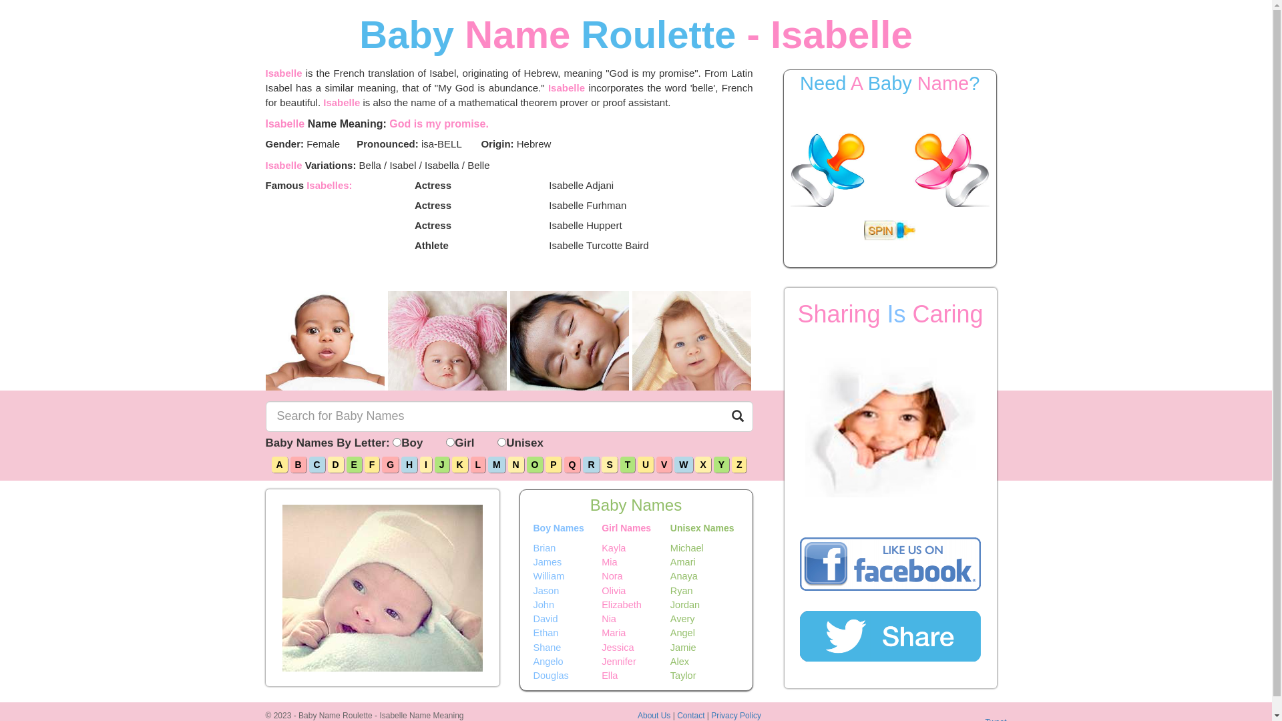 This screenshot has height=721, width=1282. What do you see at coordinates (567, 662) in the screenshot?
I see `'Angelo'` at bounding box center [567, 662].